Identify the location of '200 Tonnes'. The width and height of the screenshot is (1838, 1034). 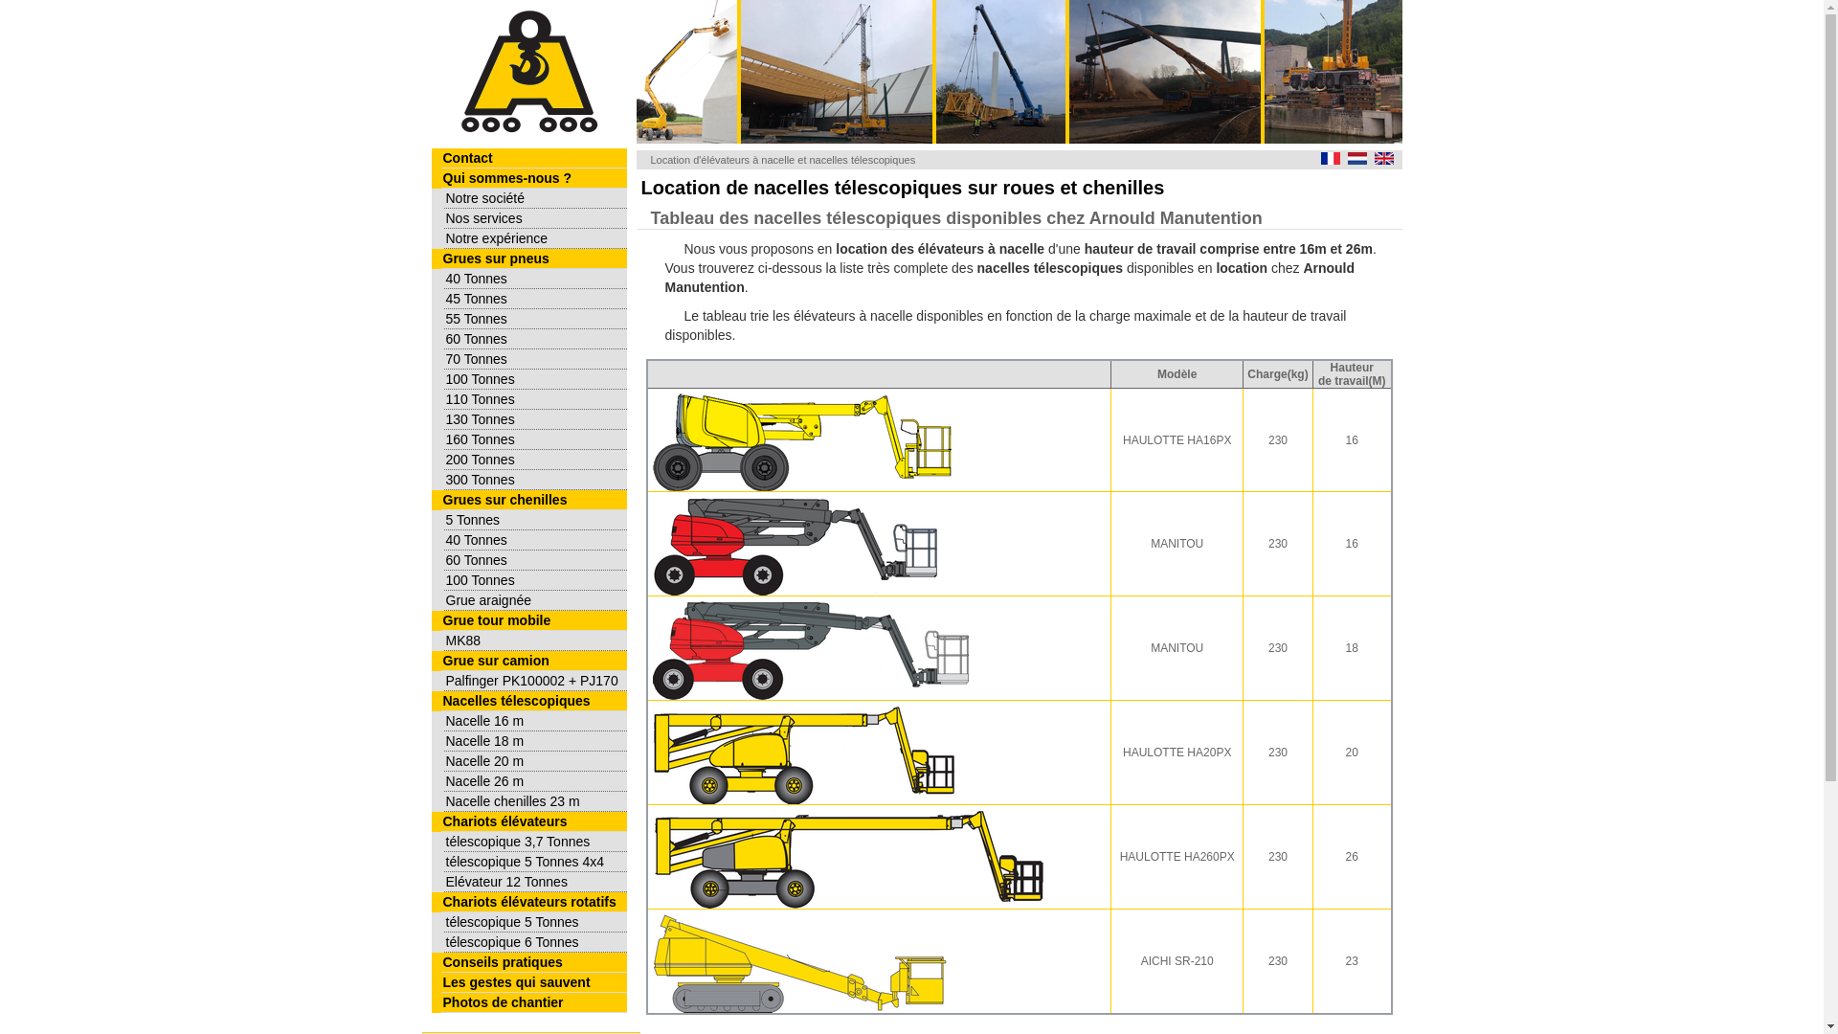
(443, 460).